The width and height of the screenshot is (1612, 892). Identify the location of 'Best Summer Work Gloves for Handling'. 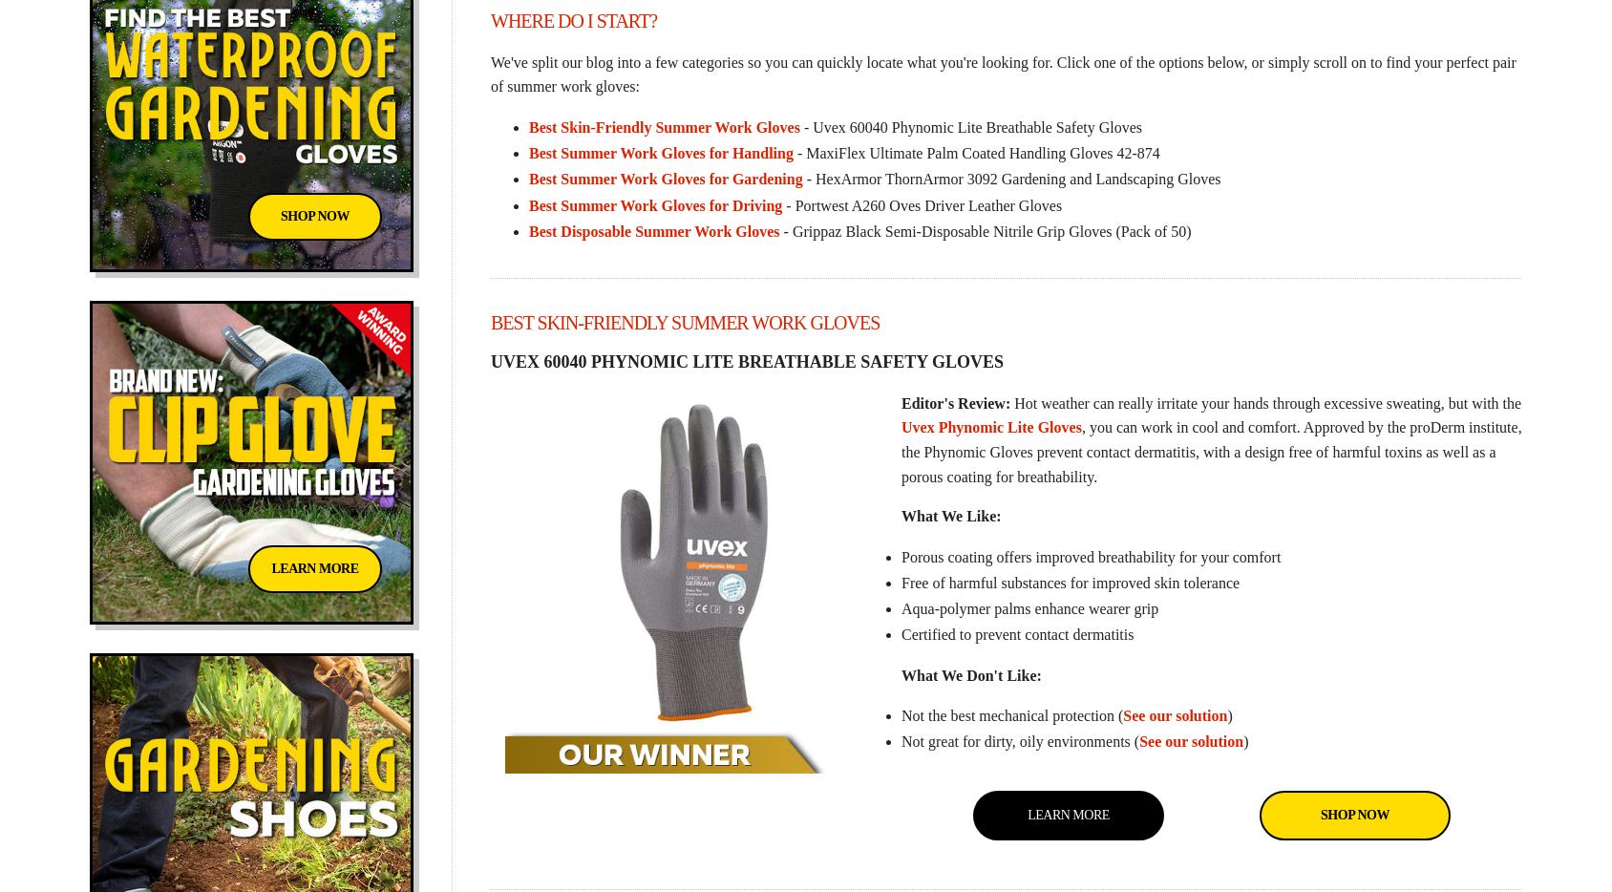
(660, 153).